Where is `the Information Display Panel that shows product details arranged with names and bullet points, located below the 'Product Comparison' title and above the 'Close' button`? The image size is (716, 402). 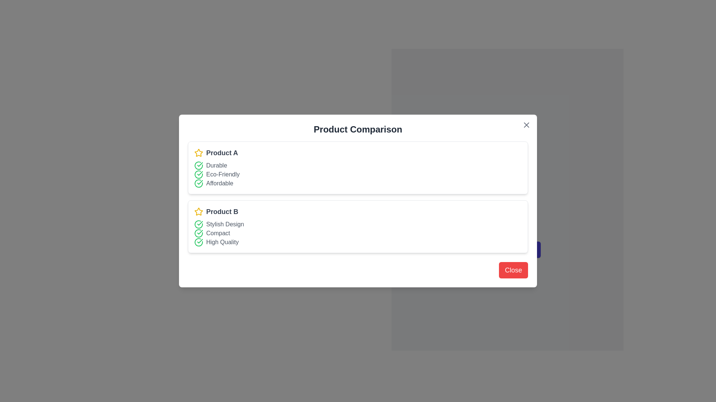 the Information Display Panel that shows product details arranged with names and bullet points, located below the 'Product Comparison' title and above the 'Close' button is located at coordinates (358, 197).